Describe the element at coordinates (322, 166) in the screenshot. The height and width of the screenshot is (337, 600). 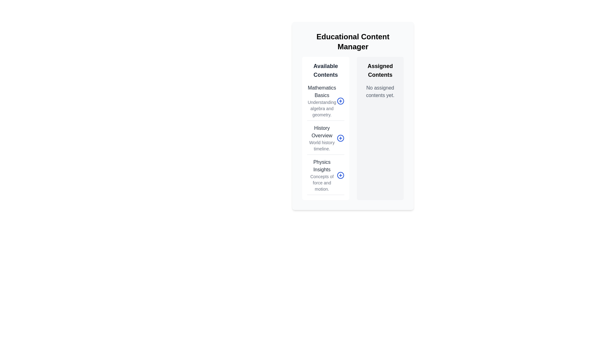
I see `the 'Physics Insights' text label, which is a medium weight title positioned above a subtitle in the 'Available Contents' section` at that location.